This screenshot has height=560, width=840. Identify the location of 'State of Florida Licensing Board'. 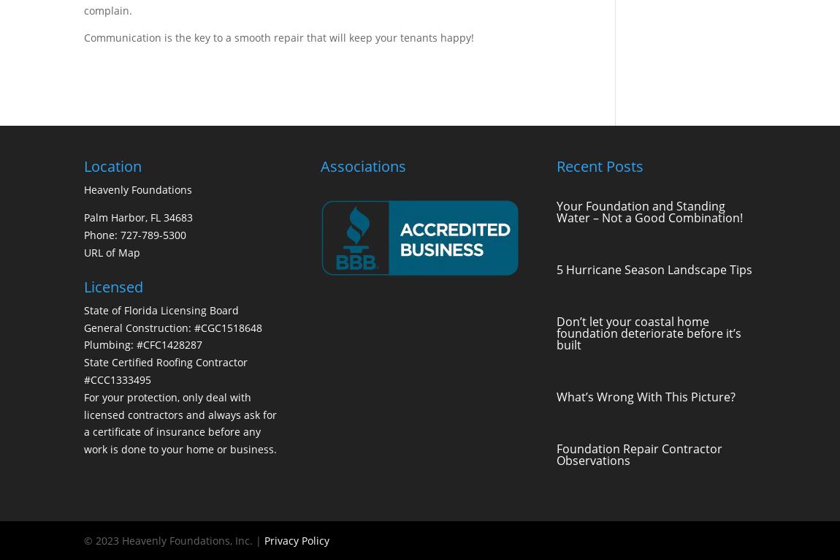
(161, 309).